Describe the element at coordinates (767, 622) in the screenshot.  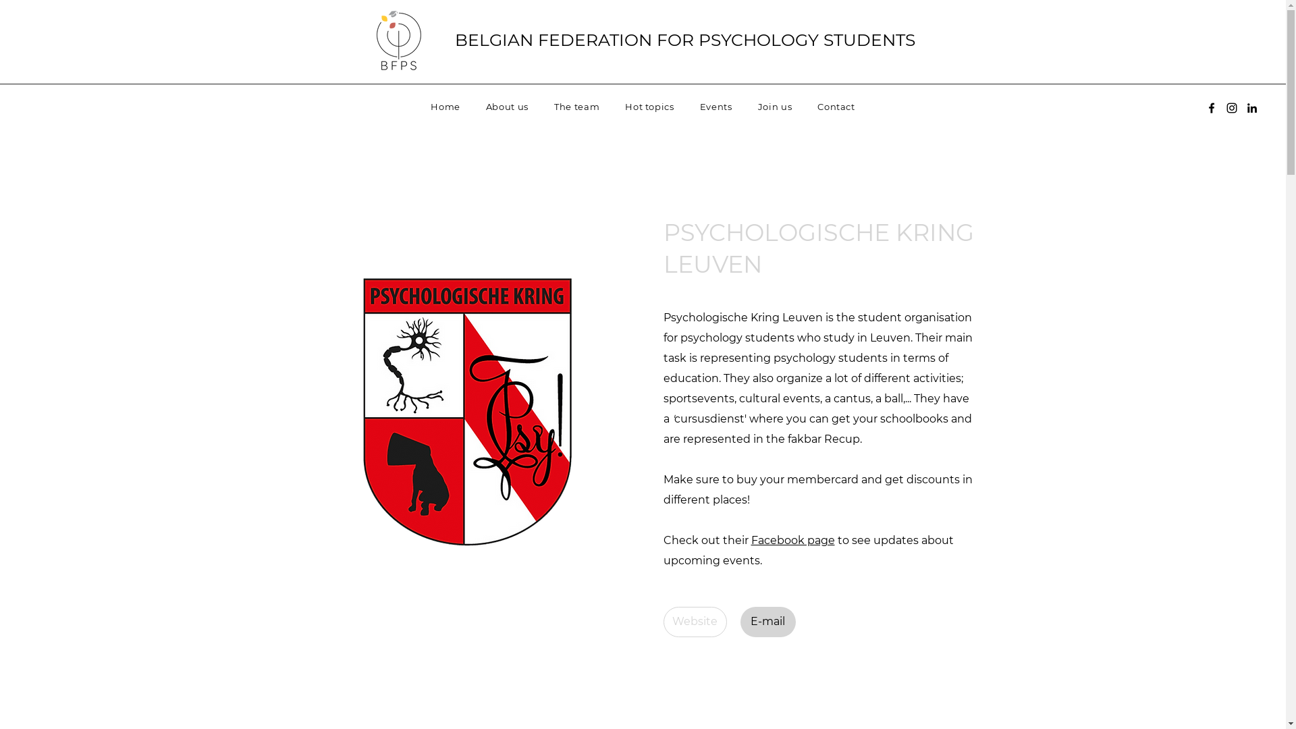
I see `'E-mail'` at that location.